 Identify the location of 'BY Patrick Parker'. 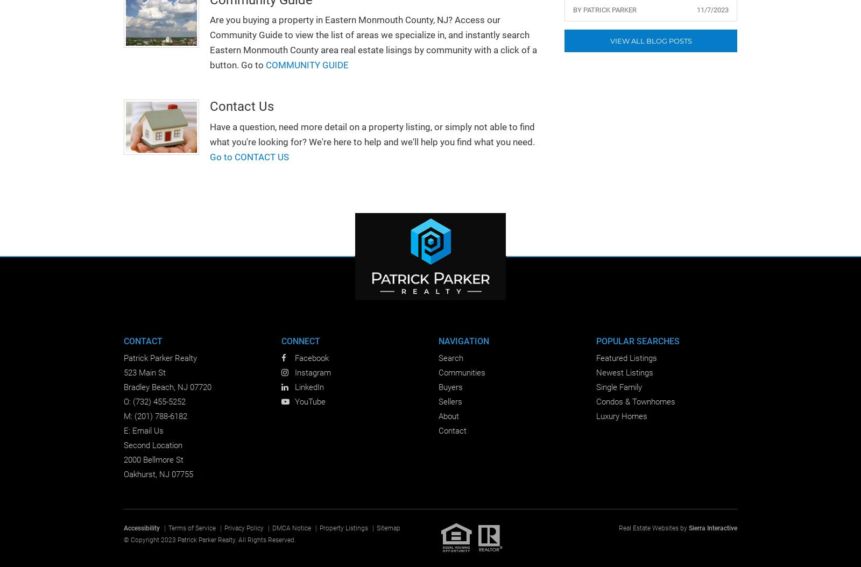
(605, 10).